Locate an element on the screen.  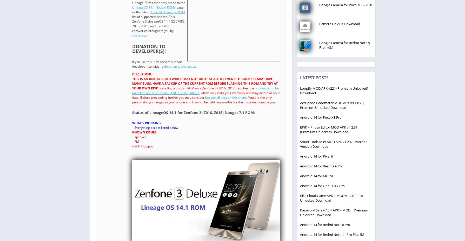
'THIS IS AN INITIAL BUILD WHICH MAY NOT BOOT AT ALL OR EVEN IF IT BOOTS IT MAY HAVE MANY BUGS. HAVE A BACKUP OF THE CURRENT ROM BEFORE FLASHING THIS ROM AND TRY AT YOUR OWN RISK.' is located at coordinates (205, 83).